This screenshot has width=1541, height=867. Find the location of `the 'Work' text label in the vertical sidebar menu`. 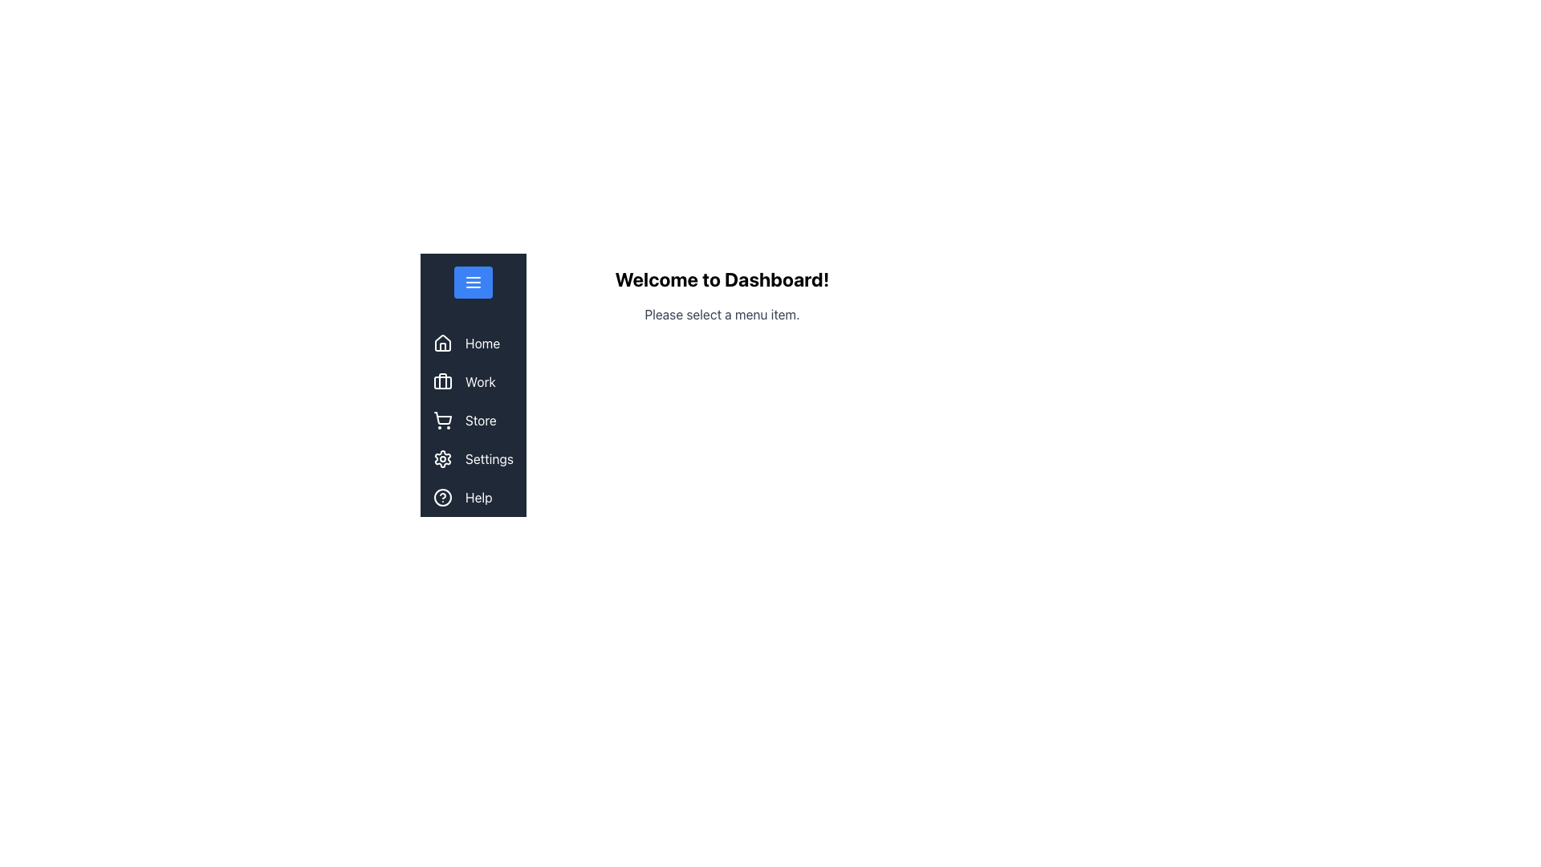

the 'Work' text label in the vertical sidebar menu is located at coordinates (479, 381).